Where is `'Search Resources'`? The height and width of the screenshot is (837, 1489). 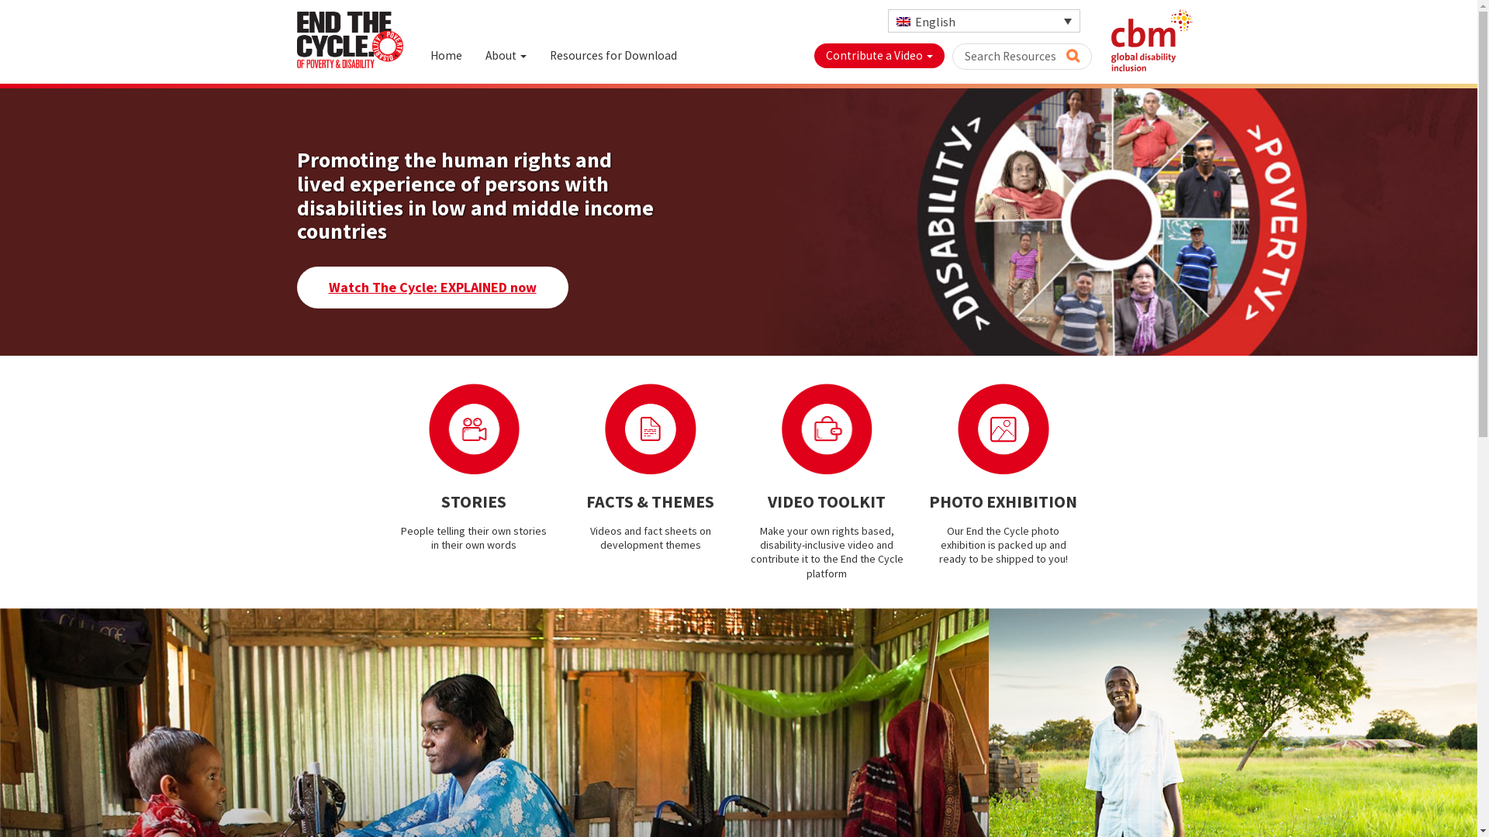
'Search Resources' is located at coordinates (1064, 53).